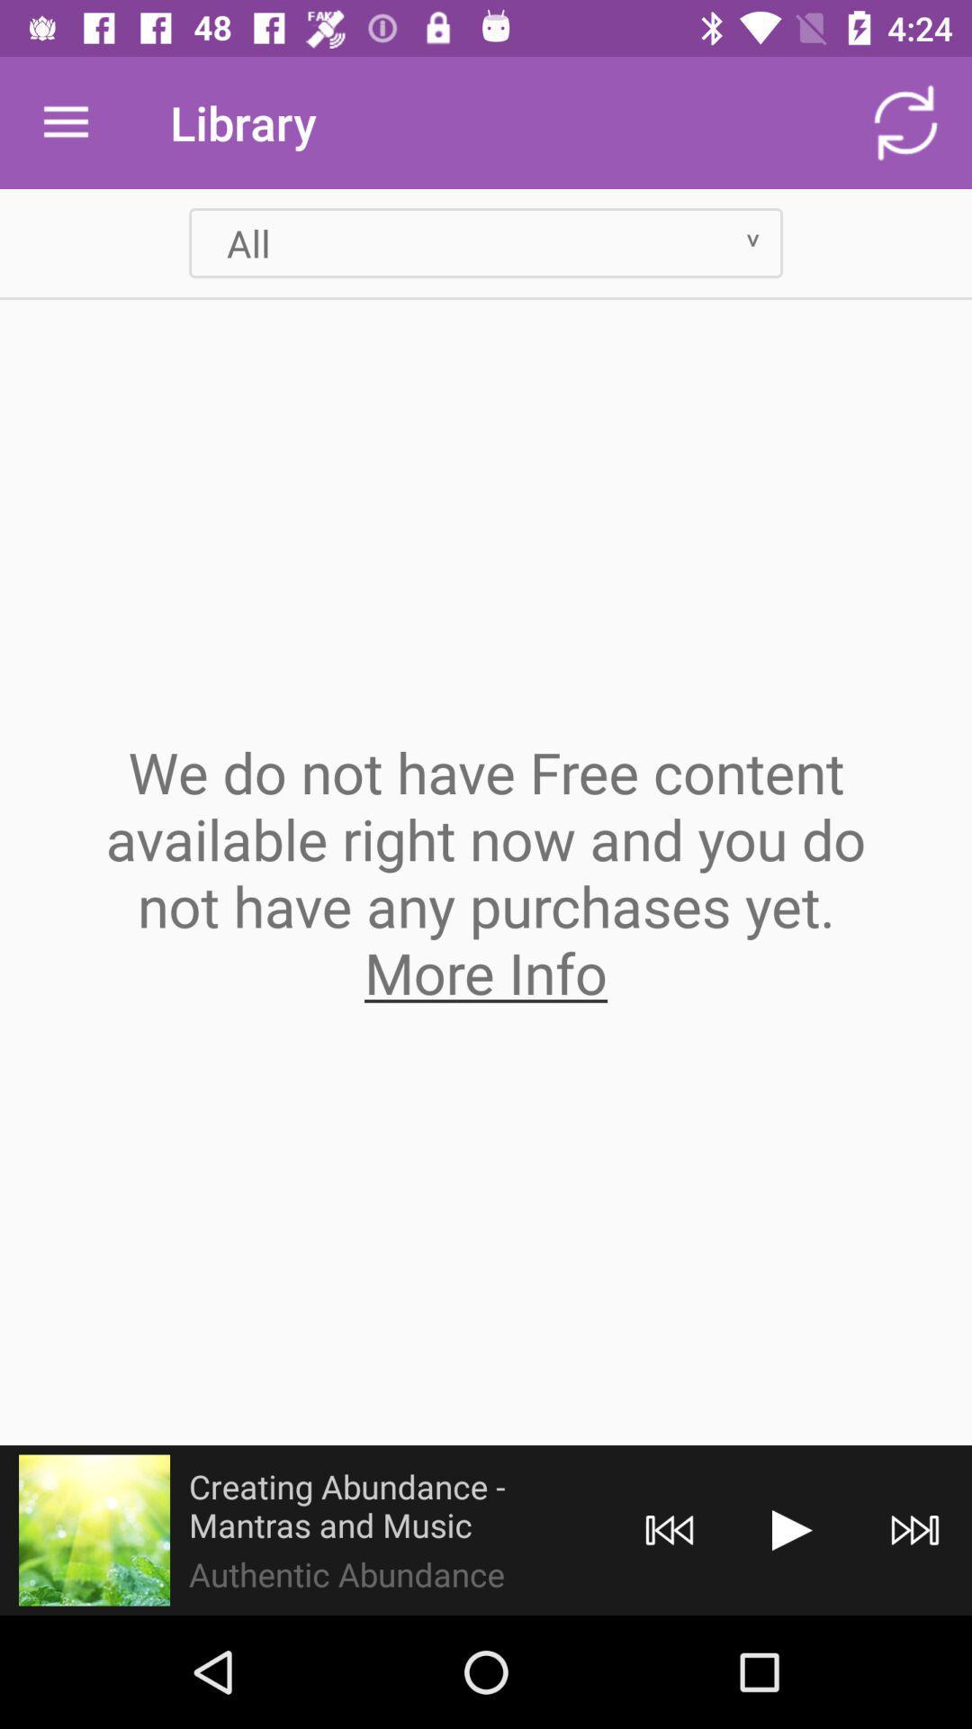 This screenshot has width=972, height=1729. I want to click on item to the left of library icon, so click(65, 122).